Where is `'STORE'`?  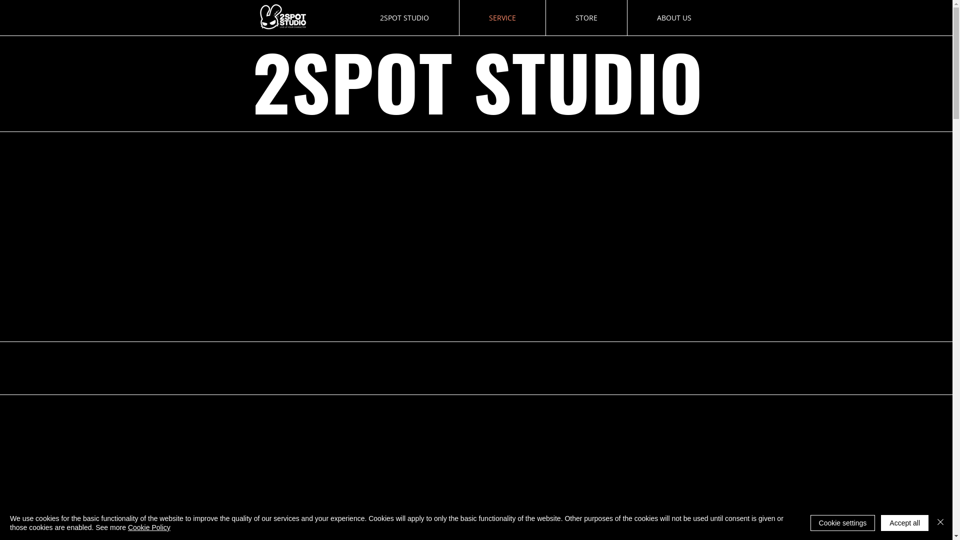
'STORE' is located at coordinates (545, 17).